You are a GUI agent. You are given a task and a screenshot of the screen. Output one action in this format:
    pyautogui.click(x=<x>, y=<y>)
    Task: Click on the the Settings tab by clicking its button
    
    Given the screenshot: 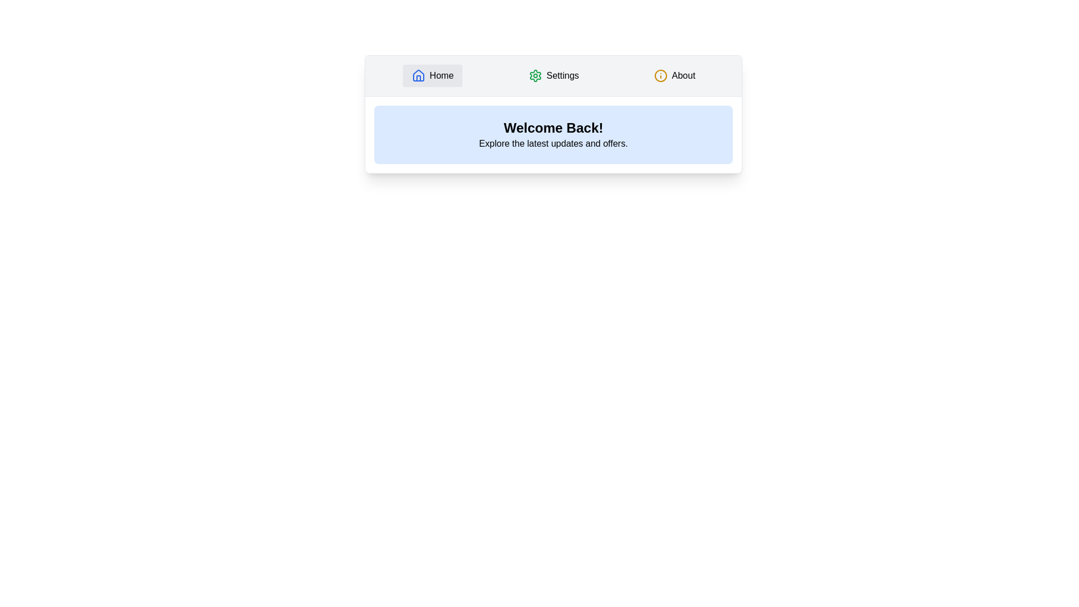 What is the action you would take?
    pyautogui.click(x=553, y=76)
    